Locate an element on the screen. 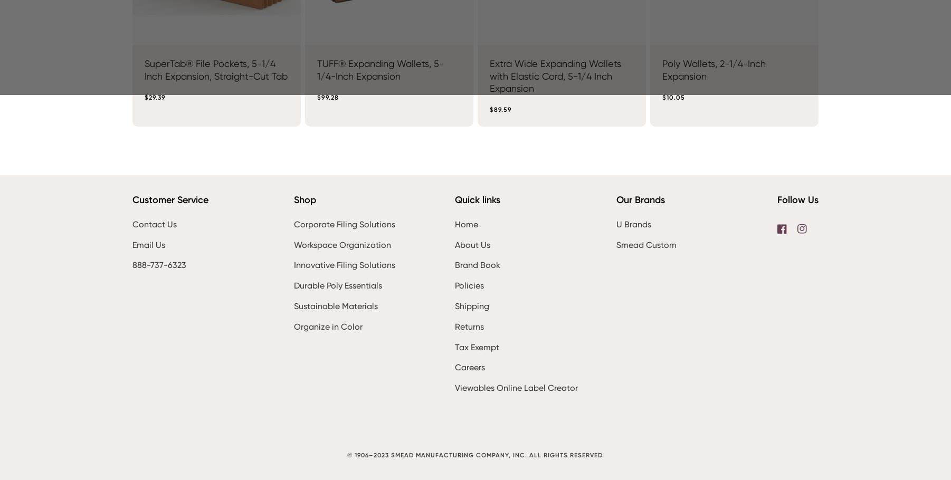 Image resolution: width=951 pixels, height=480 pixels. 'Corporate Filing Solutions' is located at coordinates (292, 224).